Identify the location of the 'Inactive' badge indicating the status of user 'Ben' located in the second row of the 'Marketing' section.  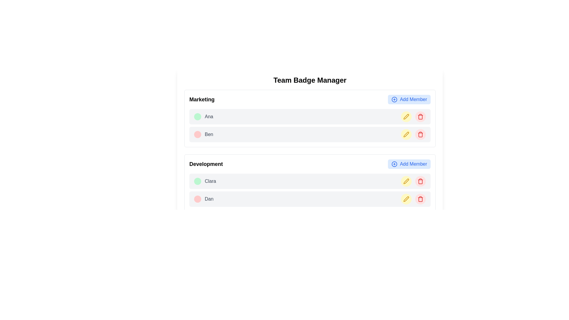
(198, 135).